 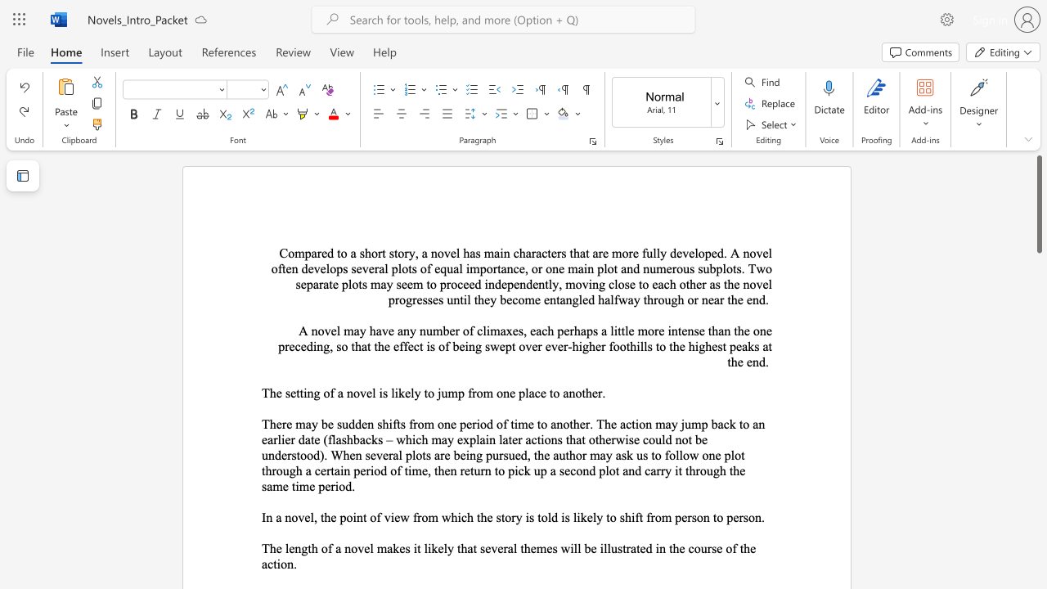 I want to click on the scrollbar on the right to shift the page lower, so click(x=1038, y=474).